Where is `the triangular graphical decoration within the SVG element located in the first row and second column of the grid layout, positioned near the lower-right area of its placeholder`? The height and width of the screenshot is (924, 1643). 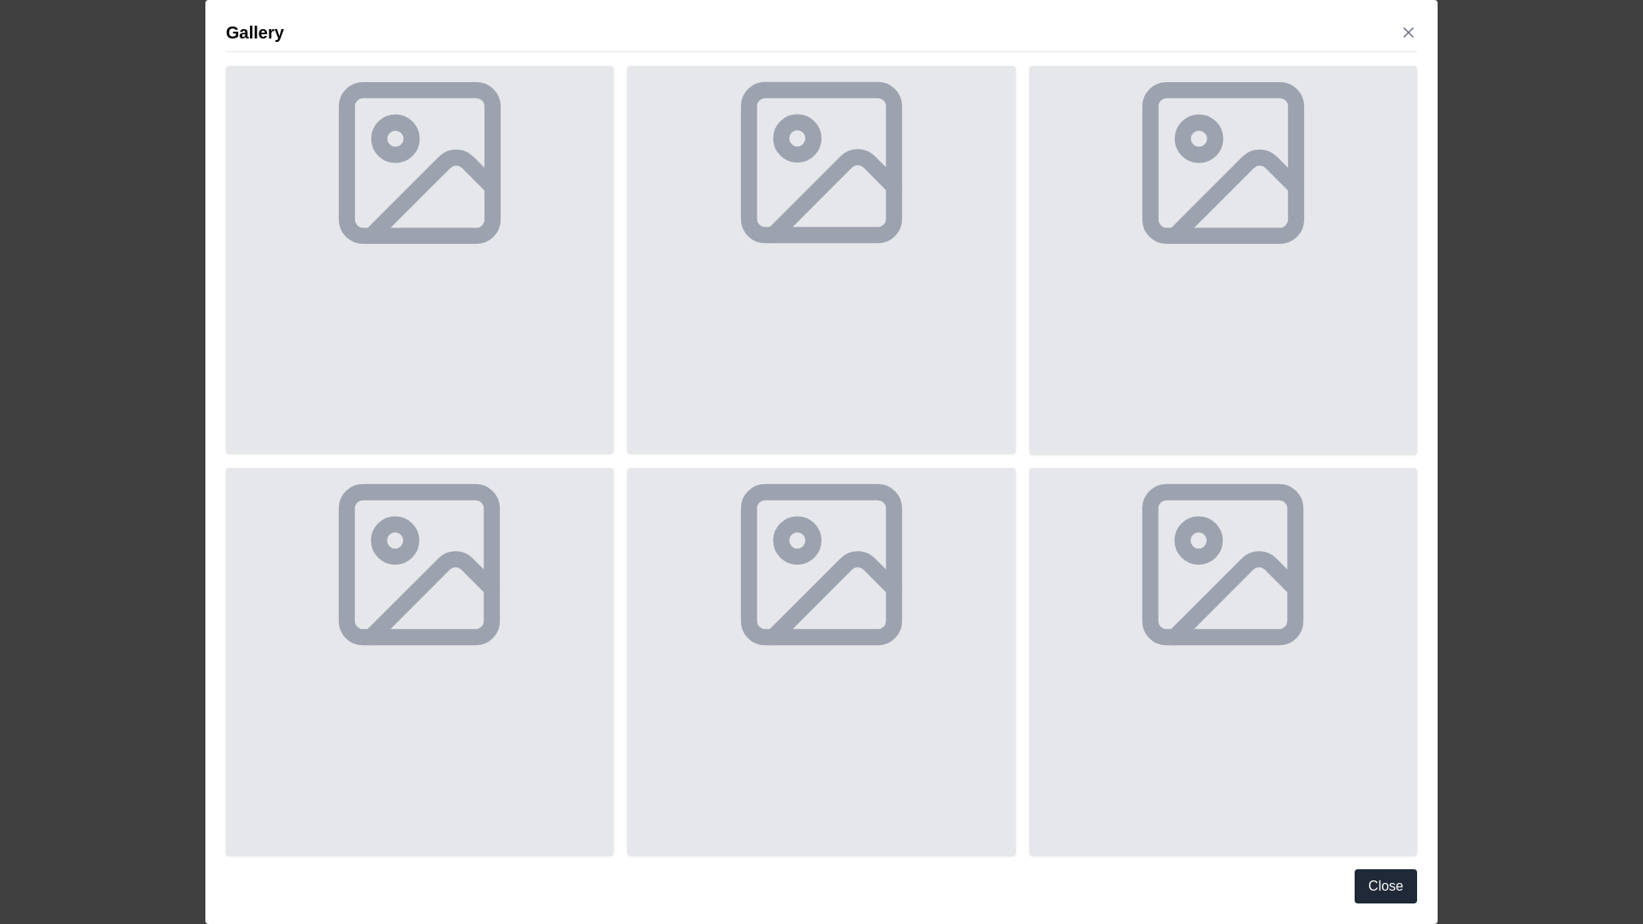 the triangular graphical decoration within the SVG element located in the first row and second column of the grid layout, positioned near the lower-right area of its placeholder is located at coordinates (833, 195).